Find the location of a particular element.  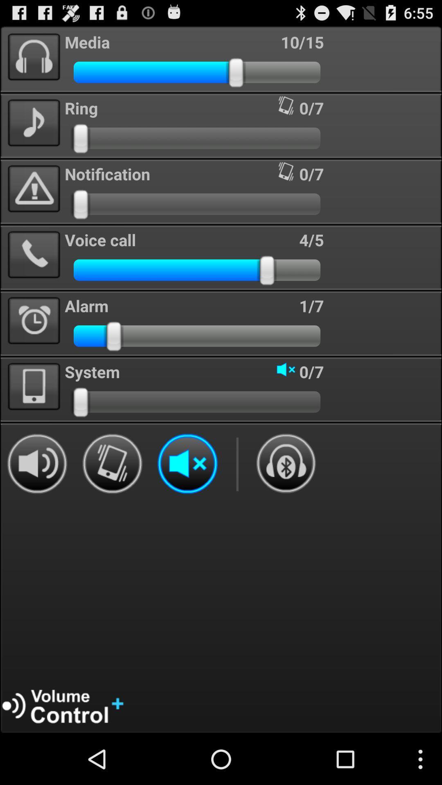

the icon which is before the media is located at coordinates (34, 56).